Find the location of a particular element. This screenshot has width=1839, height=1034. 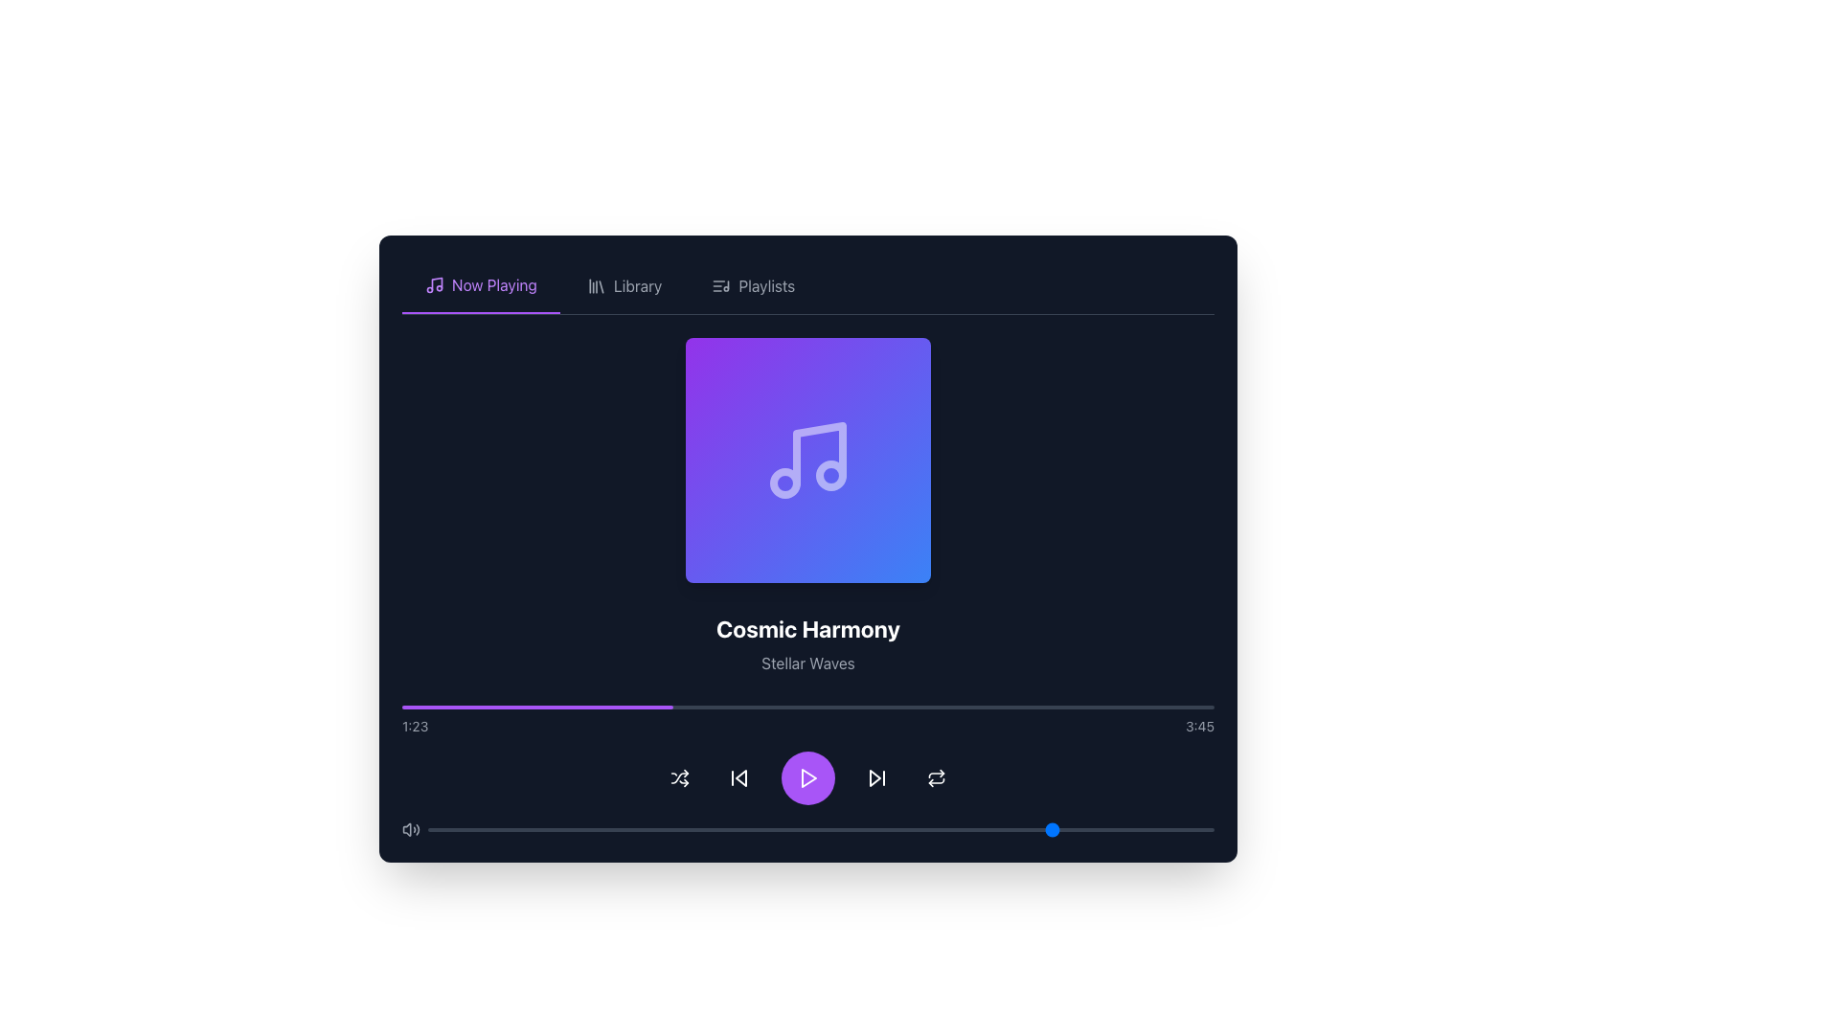

the navigation button located between 'Now Playing' and 'Playlists' in the top navigation bar to change its text color to purple is located at coordinates (624, 286).